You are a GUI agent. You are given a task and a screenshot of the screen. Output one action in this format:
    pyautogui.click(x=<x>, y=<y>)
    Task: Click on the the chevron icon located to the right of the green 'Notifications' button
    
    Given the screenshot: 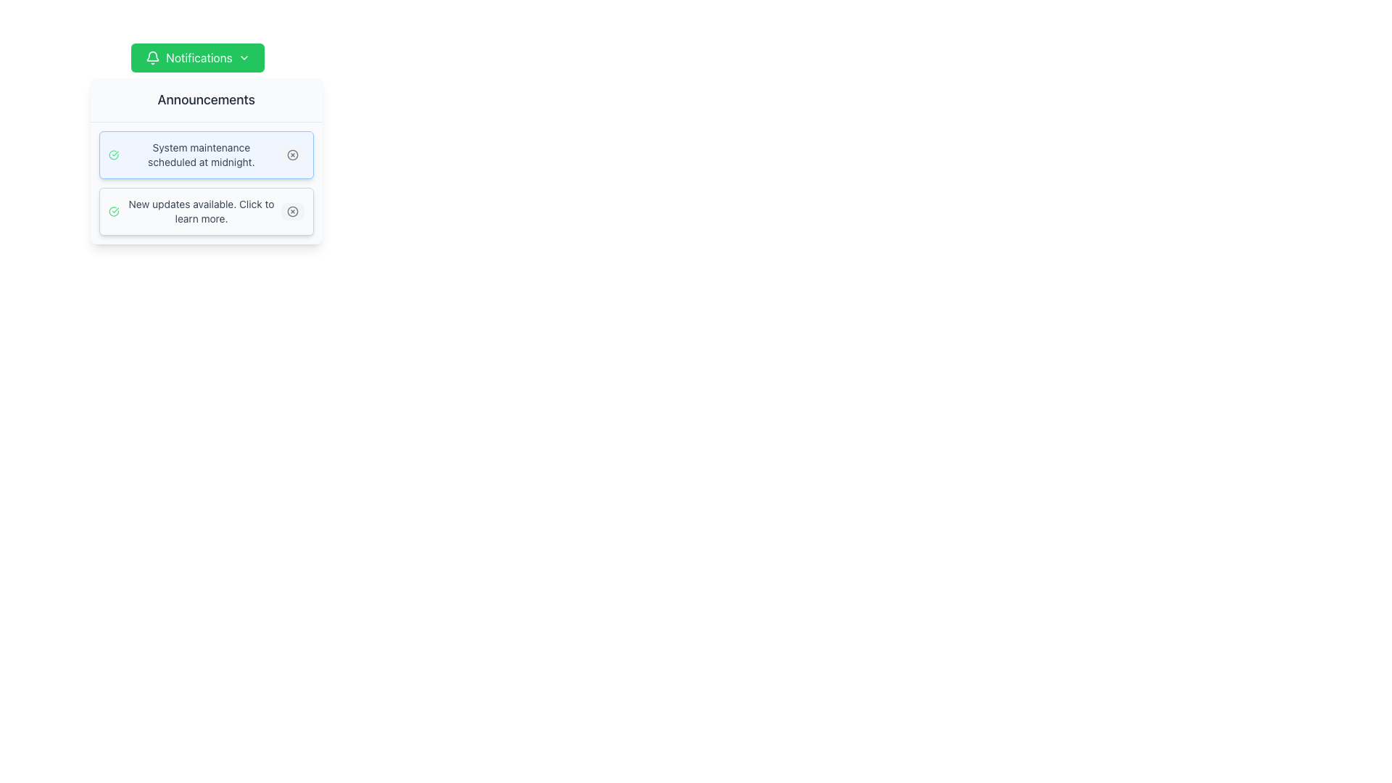 What is the action you would take?
    pyautogui.click(x=244, y=57)
    